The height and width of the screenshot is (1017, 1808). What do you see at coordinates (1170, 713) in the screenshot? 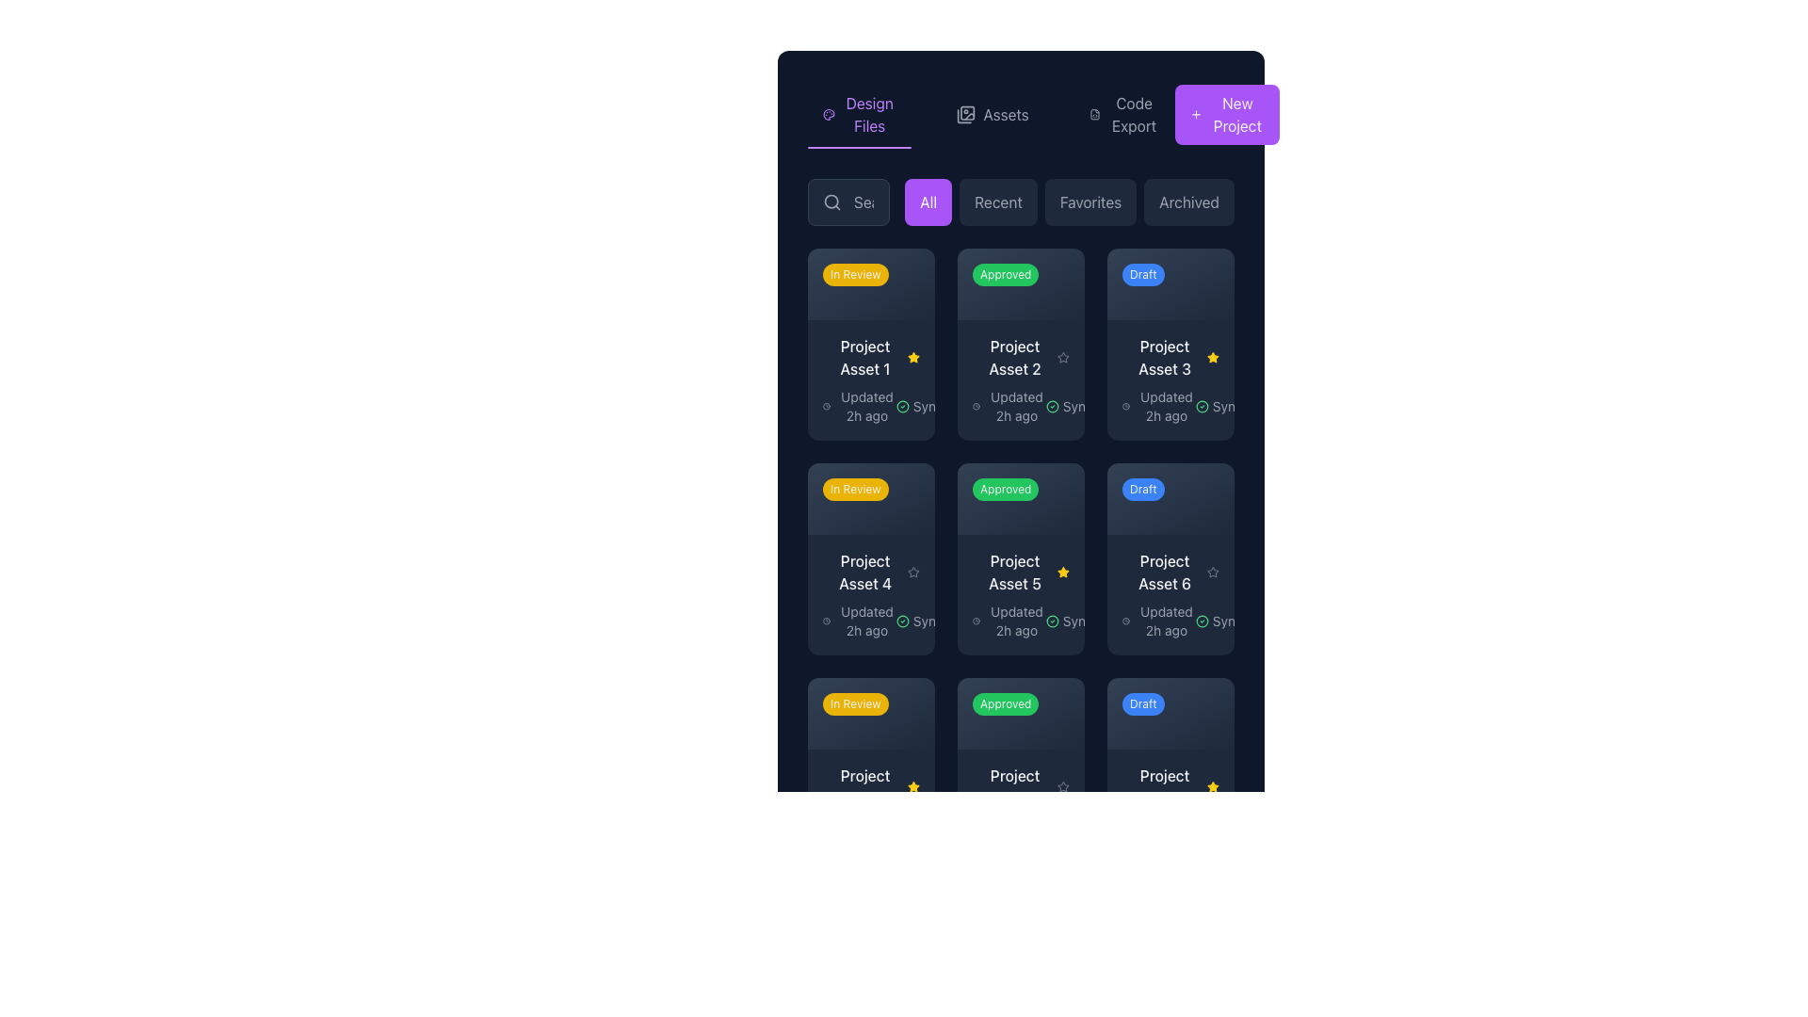
I see `the status indicator labeled 'Draft' located within the card titled 'Project Asset 9', positioned in the lower half of the grid layout` at bounding box center [1170, 713].